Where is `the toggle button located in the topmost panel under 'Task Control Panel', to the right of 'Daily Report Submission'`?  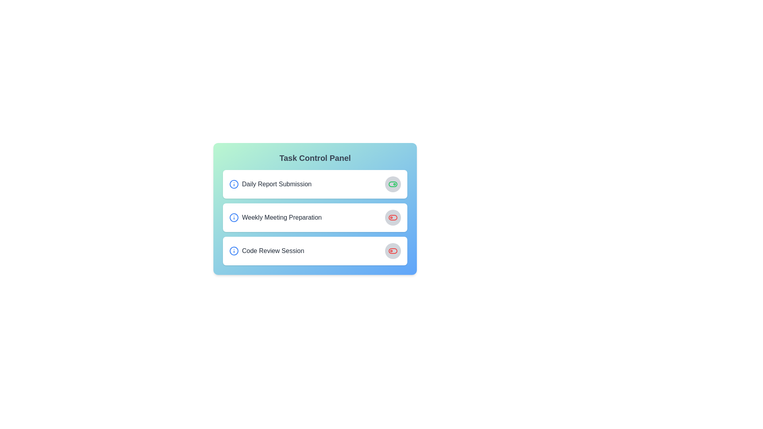
the toggle button located in the topmost panel under 'Task Control Panel', to the right of 'Daily Report Submission' is located at coordinates (393, 184).